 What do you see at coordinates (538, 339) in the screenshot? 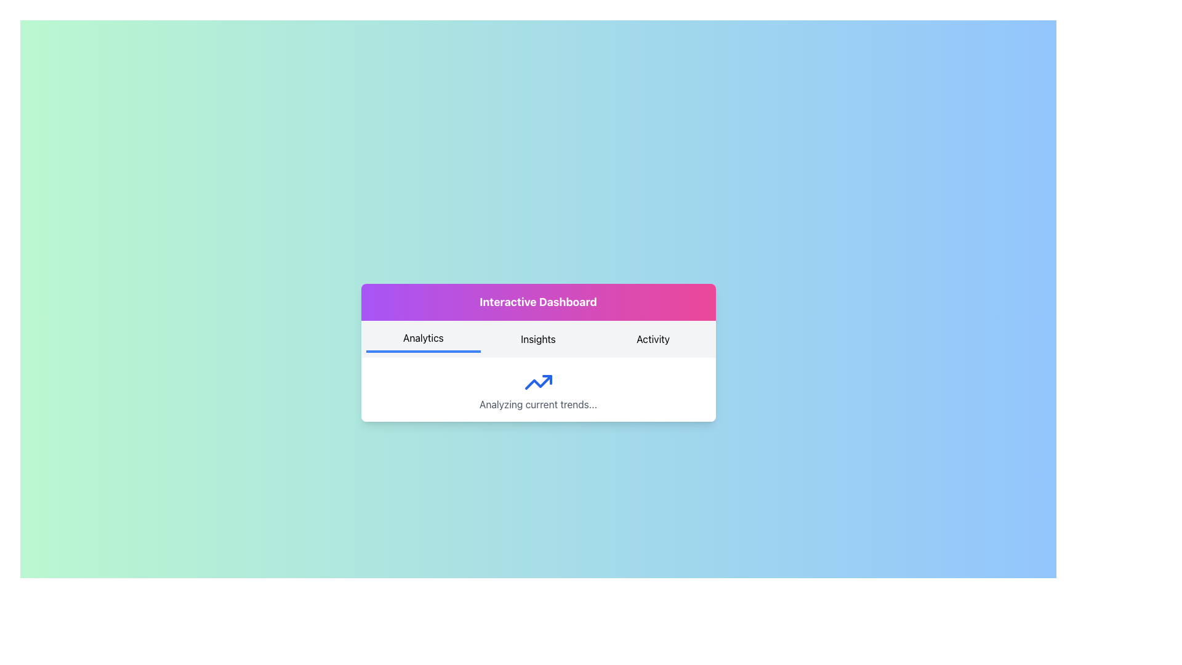
I see `the 'Insights' tab, which is the middle tab in a row of three text-based tabs under the 'Interactive Dashboard' banner` at bounding box center [538, 339].